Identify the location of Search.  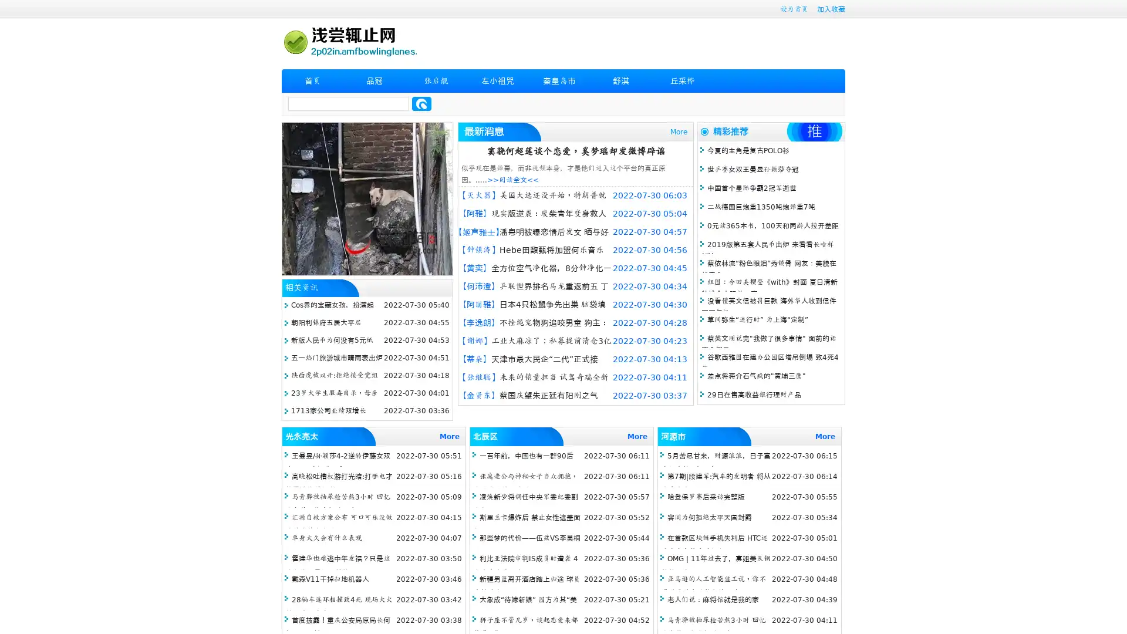
(421, 103).